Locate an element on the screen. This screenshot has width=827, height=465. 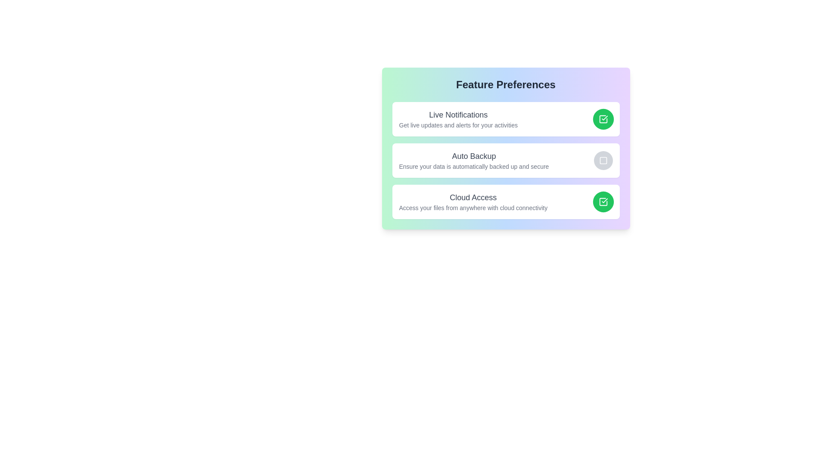
the 'Cloud Access' icon, which is the third icon in a vertical list indicating that the 'Cloud Access' option is enabled is located at coordinates (604, 118).